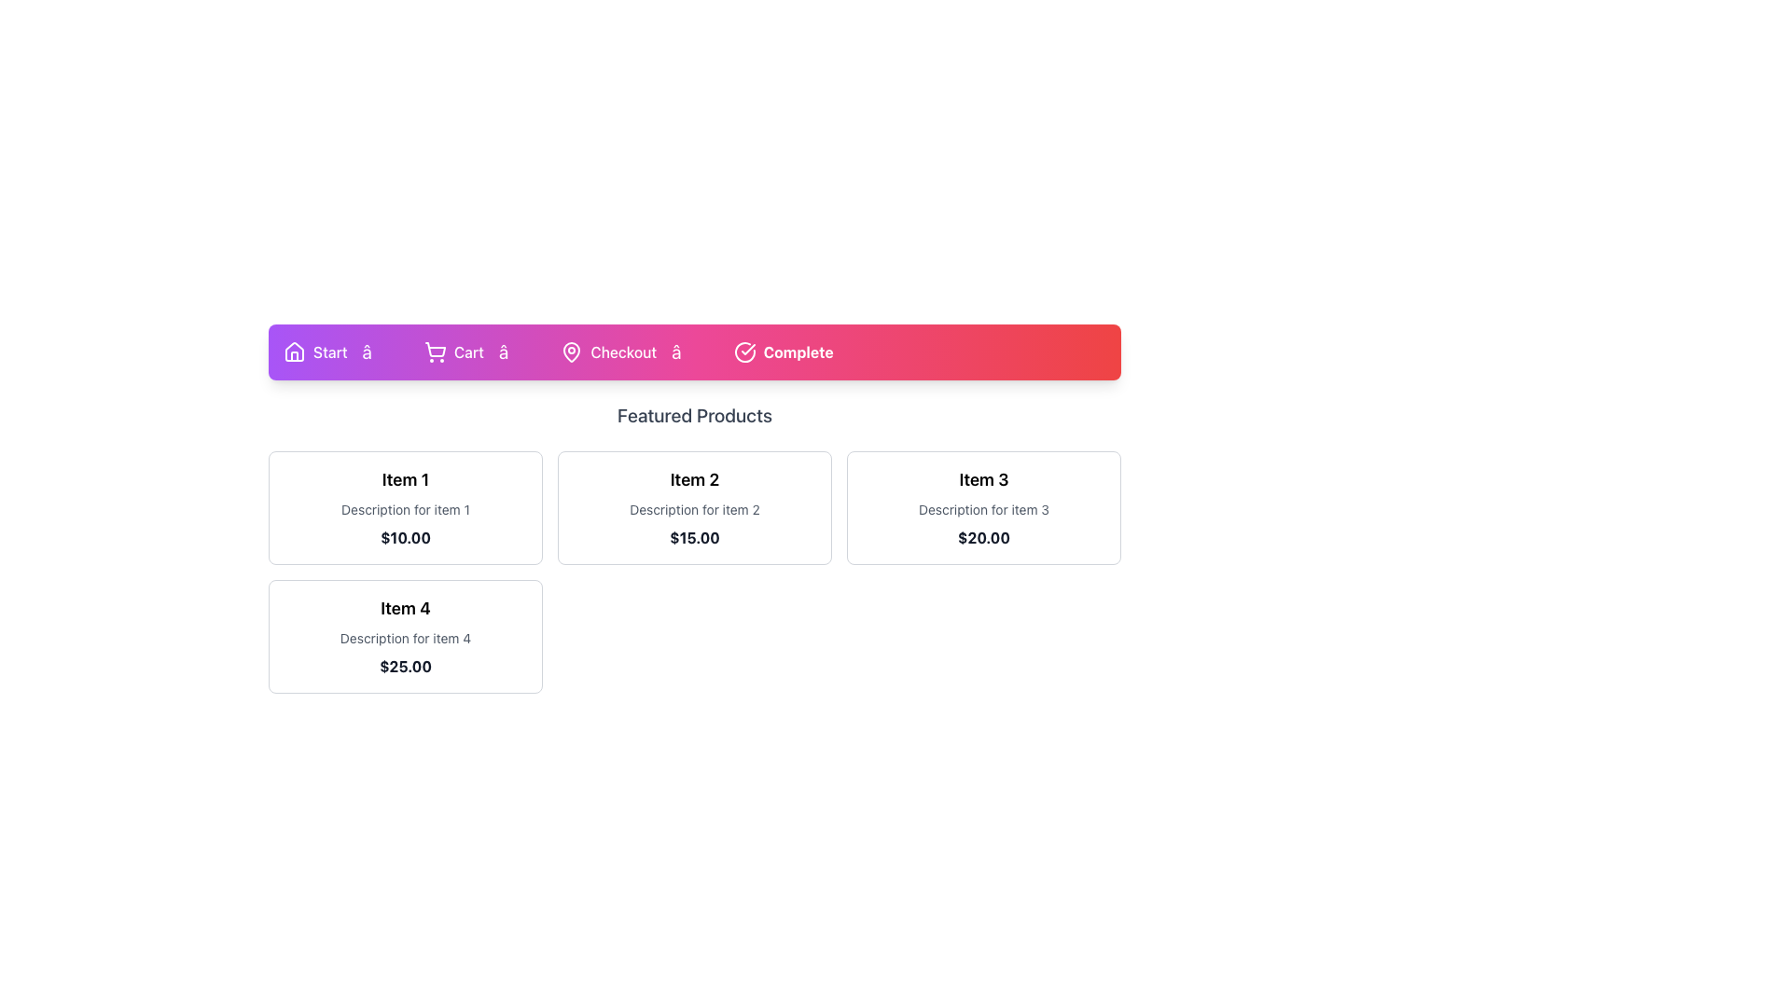 The image size is (1791, 1007). I want to click on the product card displaying 'Item 1' with the price '$10.00' located in the top-left corner of the grid layout, so click(405, 507).